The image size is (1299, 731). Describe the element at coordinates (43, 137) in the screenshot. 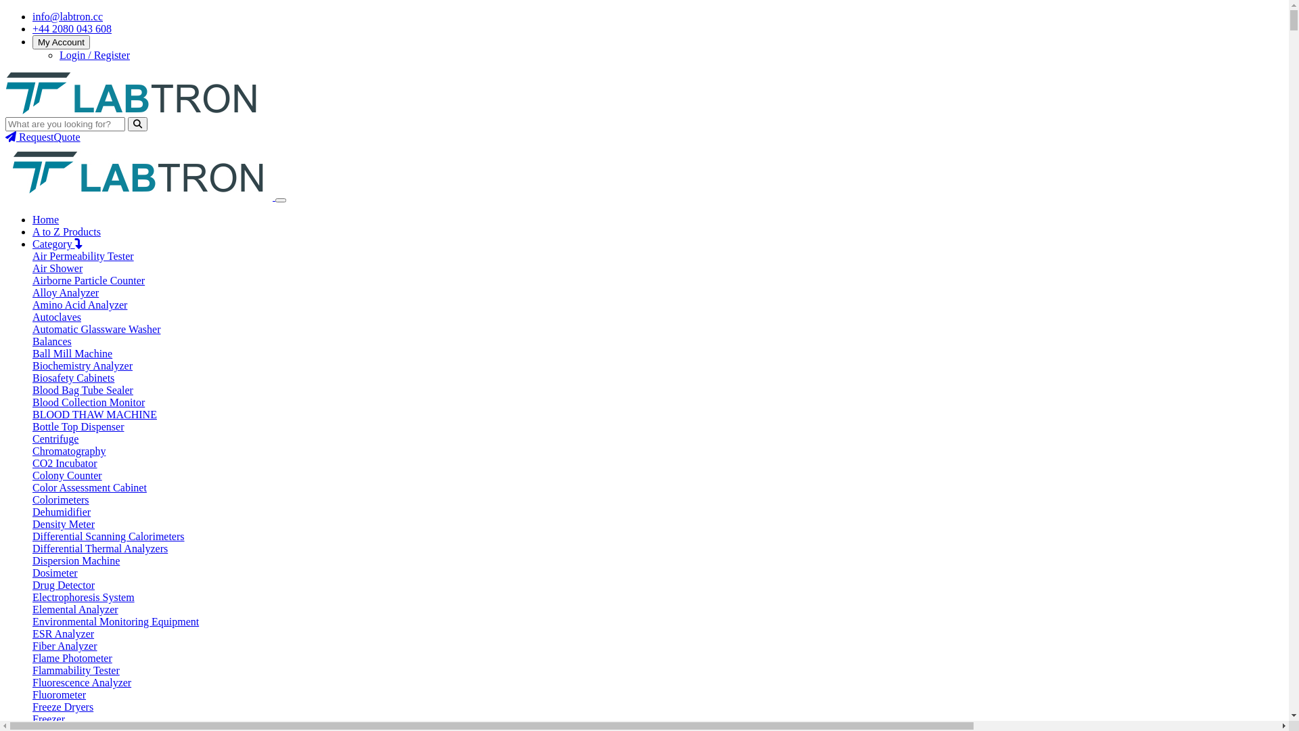

I see `'RequestQuote'` at that location.